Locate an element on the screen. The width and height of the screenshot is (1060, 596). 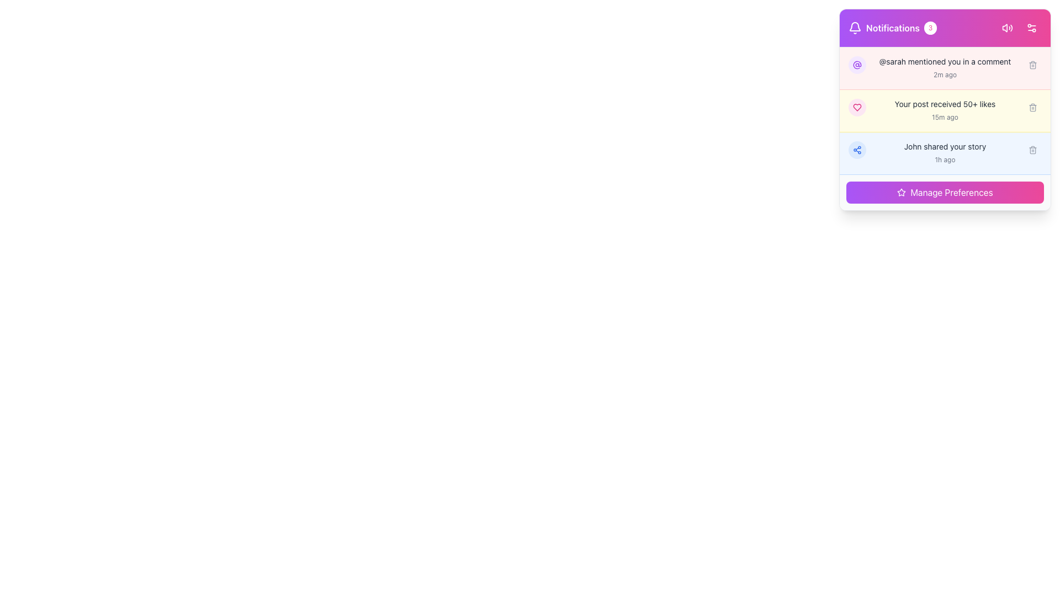
timestamp located in the topmost notification entry, which appears to the right of the main notification text '@sarah mentioned you in a comment' is located at coordinates (945, 74).